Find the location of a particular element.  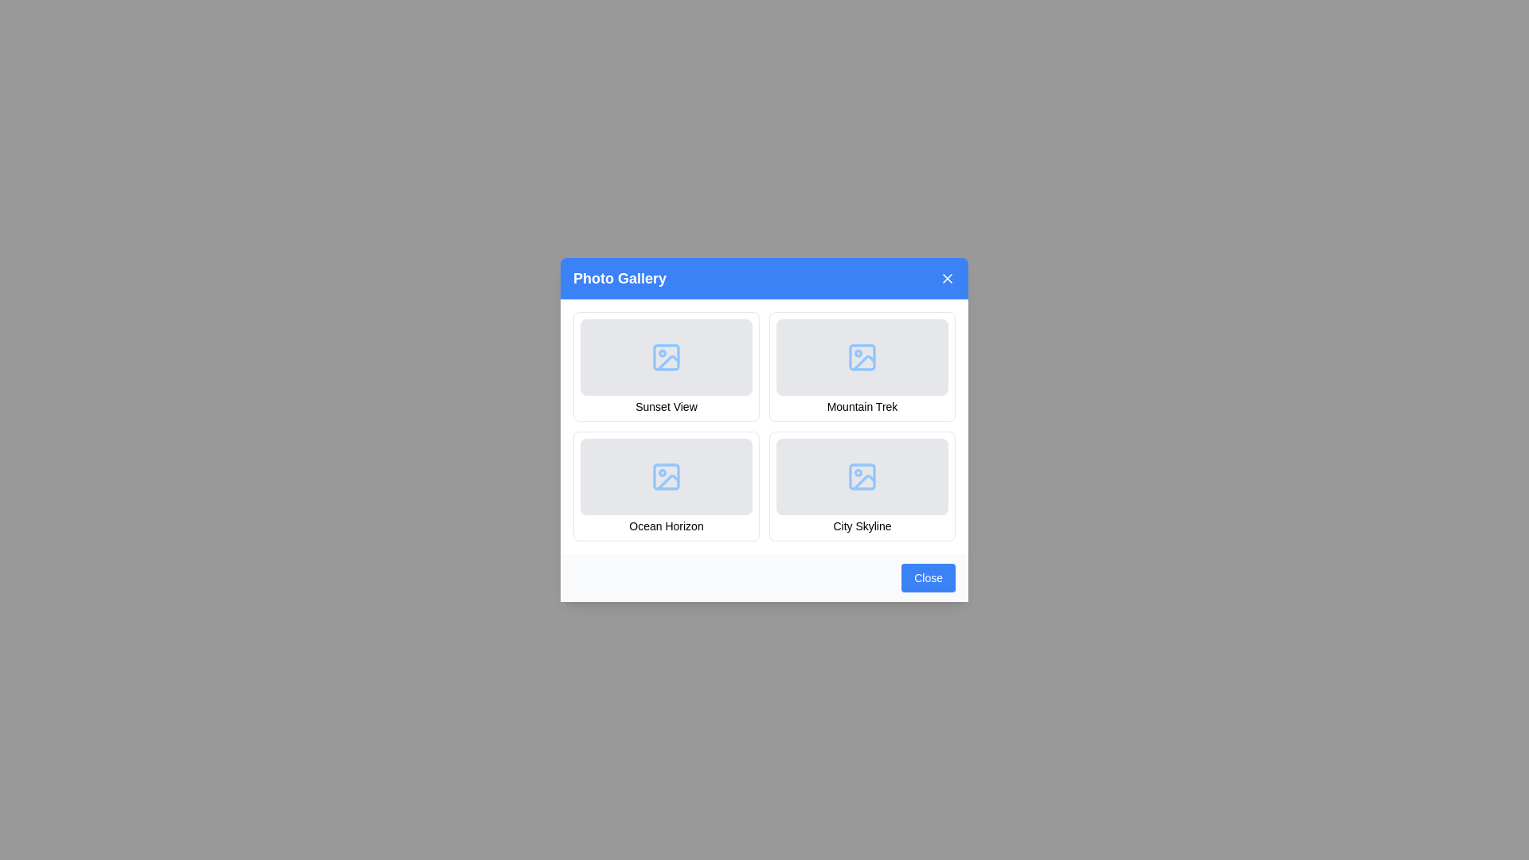

the image placeholder is located at coordinates (666, 356).